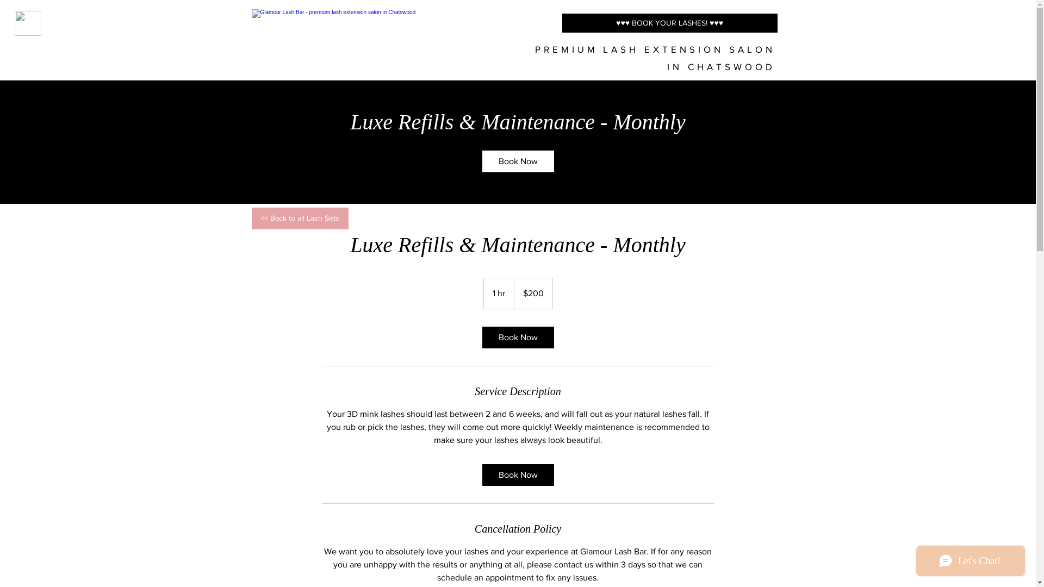  What do you see at coordinates (481, 161) in the screenshot?
I see `'Book Now'` at bounding box center [481, 161].